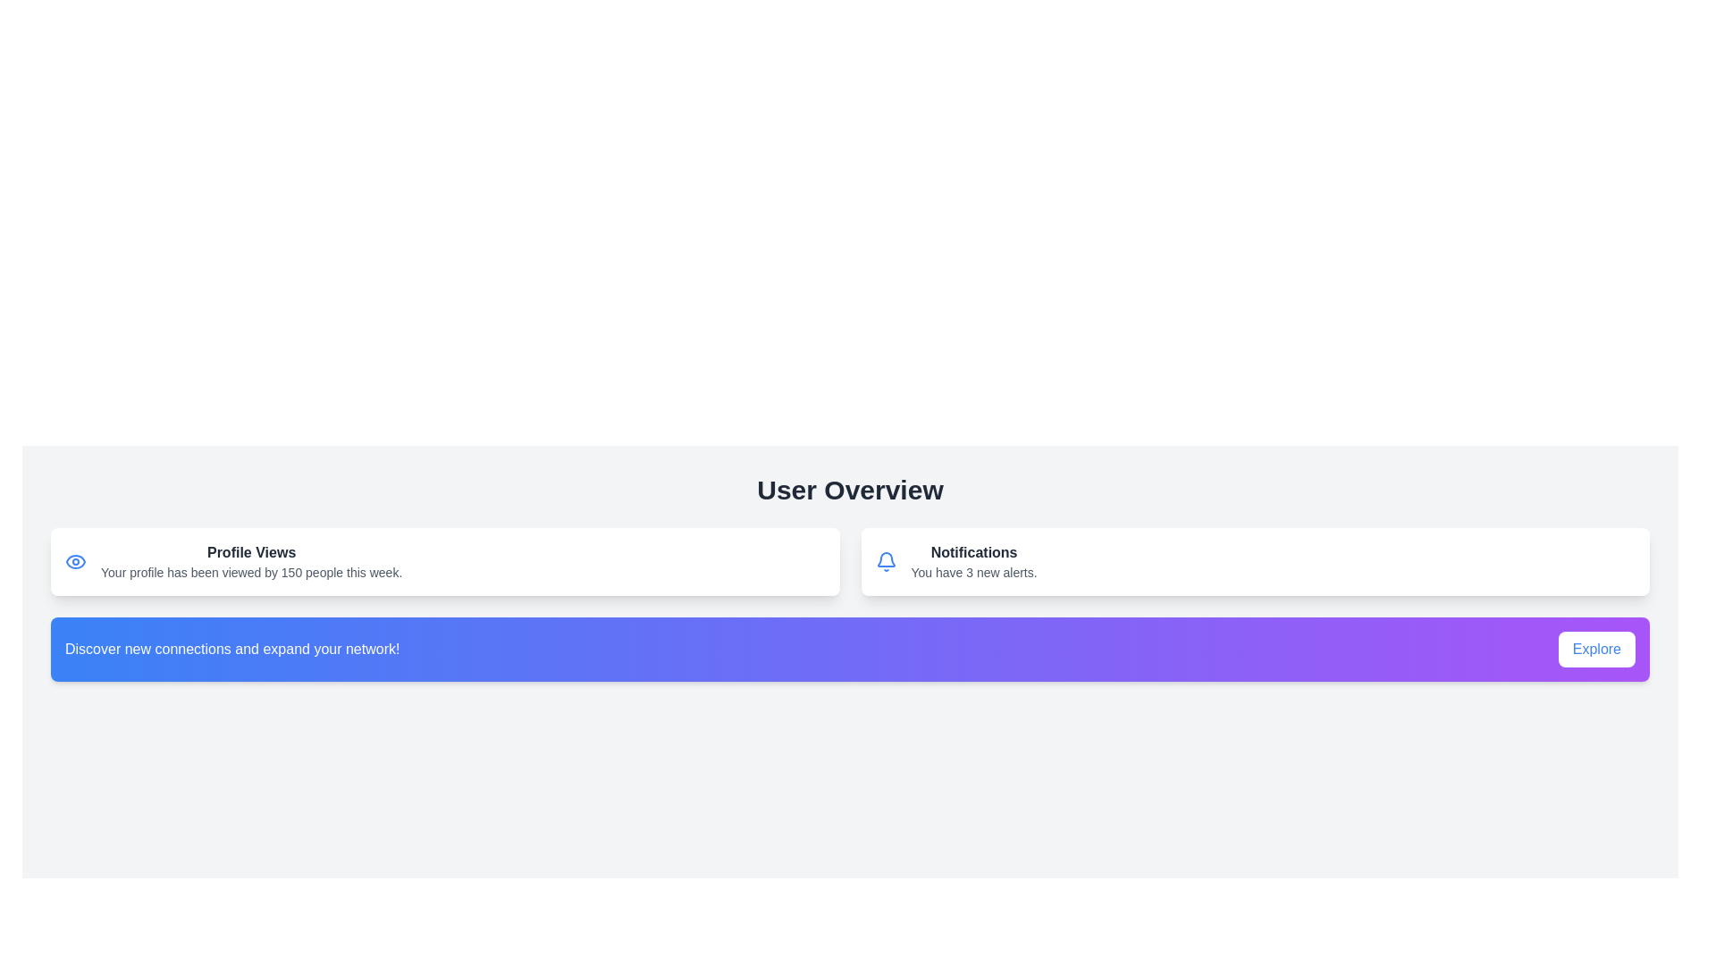 The height and width of the screenshot is (965, 1716). What do you see at coordinates (849, 649) in the screenshot?
I see `displayed message on the Call-to-action banner which states 'Discover new connections and expand your network!'` at bounding box center [849, 649].